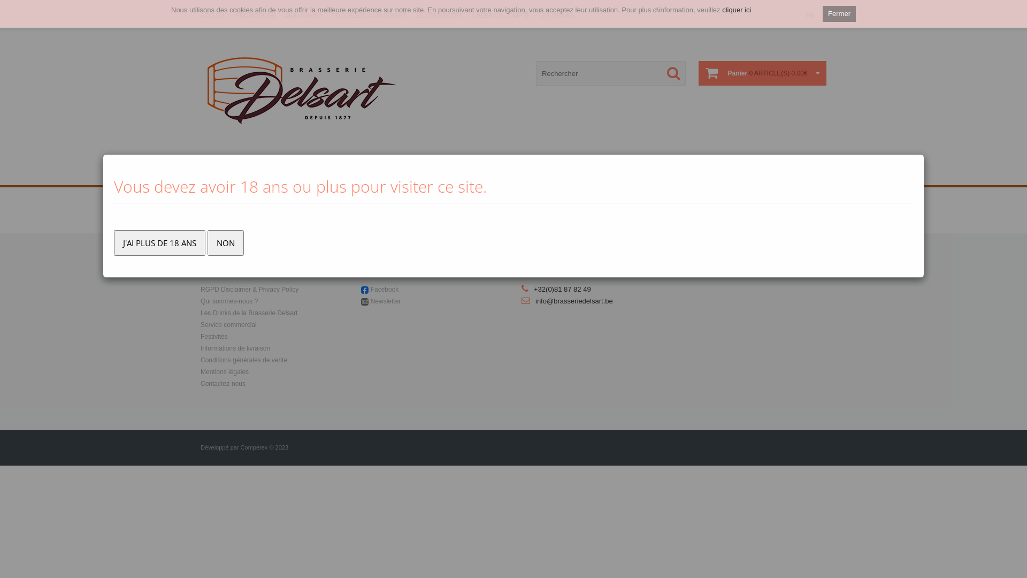 Image resolution: width=1027 pixels, height=578 pixels. Describe the element at coordinates (228, 324) in the screenshot. I see `'Service commercial'` at that location.